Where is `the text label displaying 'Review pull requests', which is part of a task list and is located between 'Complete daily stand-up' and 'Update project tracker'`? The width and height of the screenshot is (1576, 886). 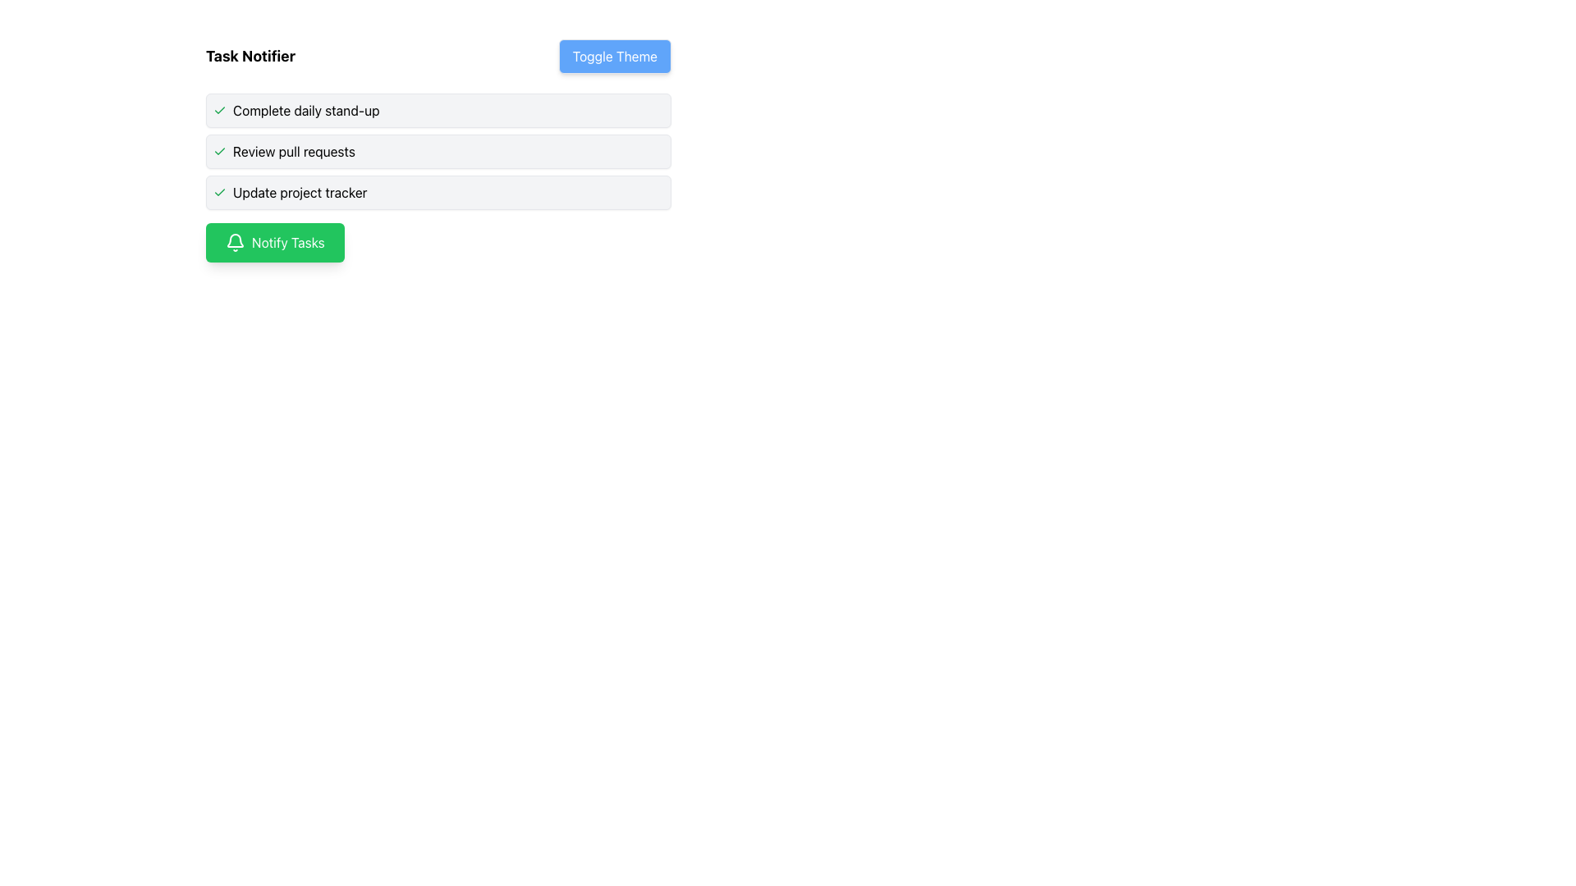
the text label displaying 'Review pull requests', which is part of a task list and is located between 'Complete daily stand-up' and 'Update project tracker' is located at coordinates (294, 152).